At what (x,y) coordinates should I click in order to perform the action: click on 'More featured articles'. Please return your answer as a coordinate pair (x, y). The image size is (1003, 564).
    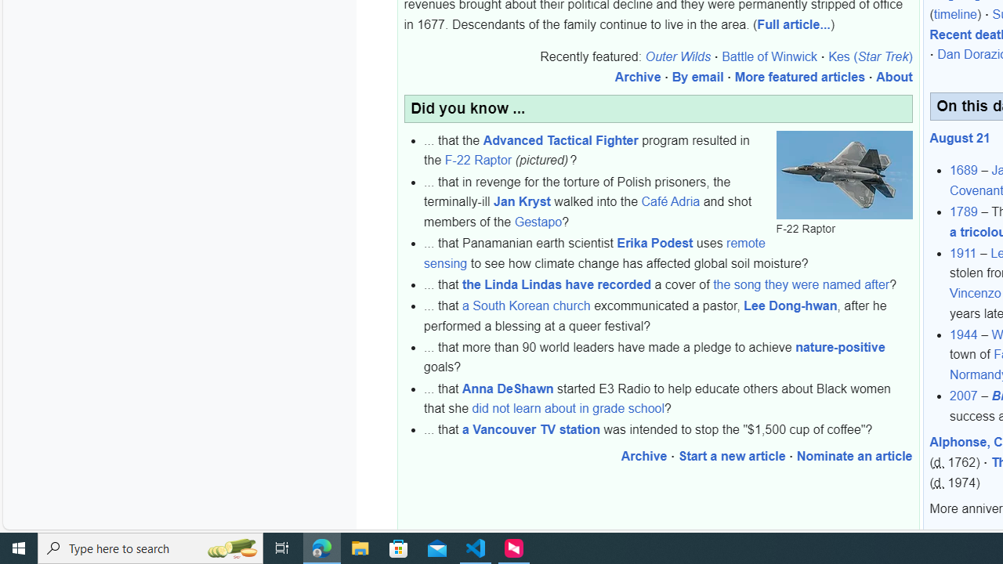
    Looking at the image, I should click on (799, 78).